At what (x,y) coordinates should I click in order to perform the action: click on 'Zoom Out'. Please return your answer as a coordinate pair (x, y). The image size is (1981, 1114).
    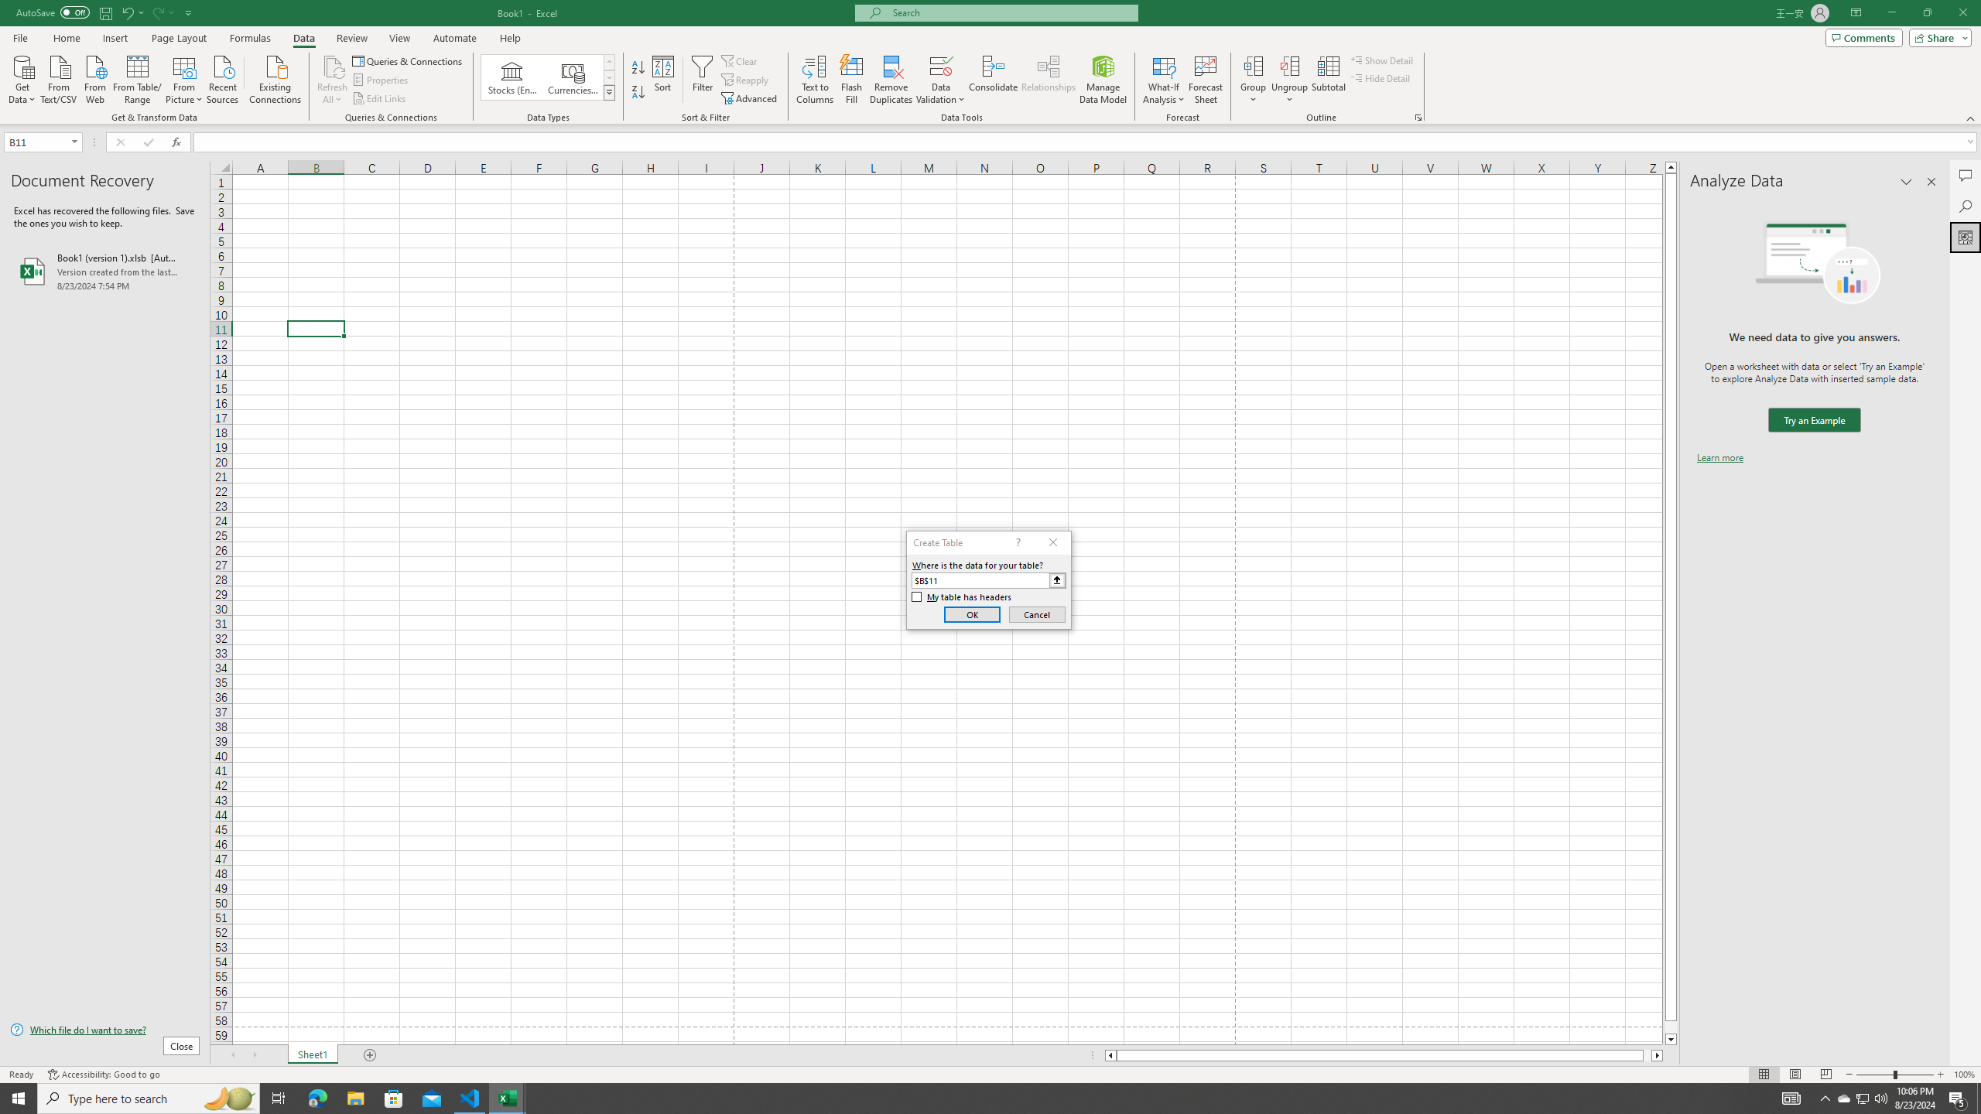
    Looking at the image, I should click on (1874, 1075).